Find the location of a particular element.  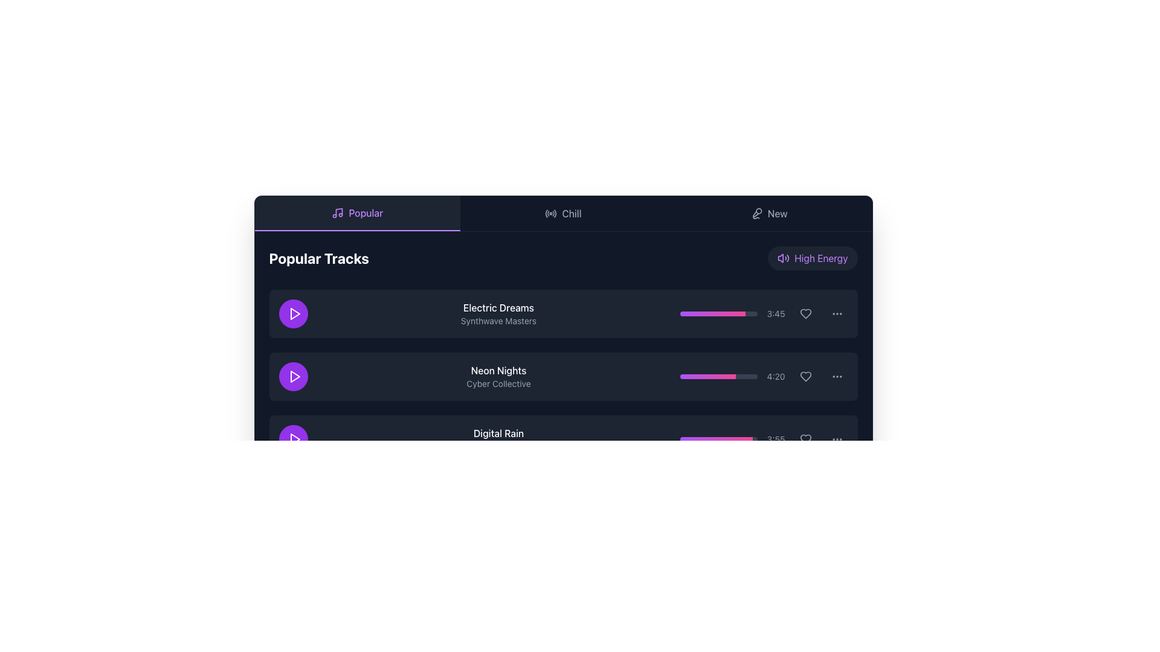

the 'Chill' tab icon located centrally within the 'Chill' button text in the navigation bar at the top of the interface is located at coordinates (550, 213).